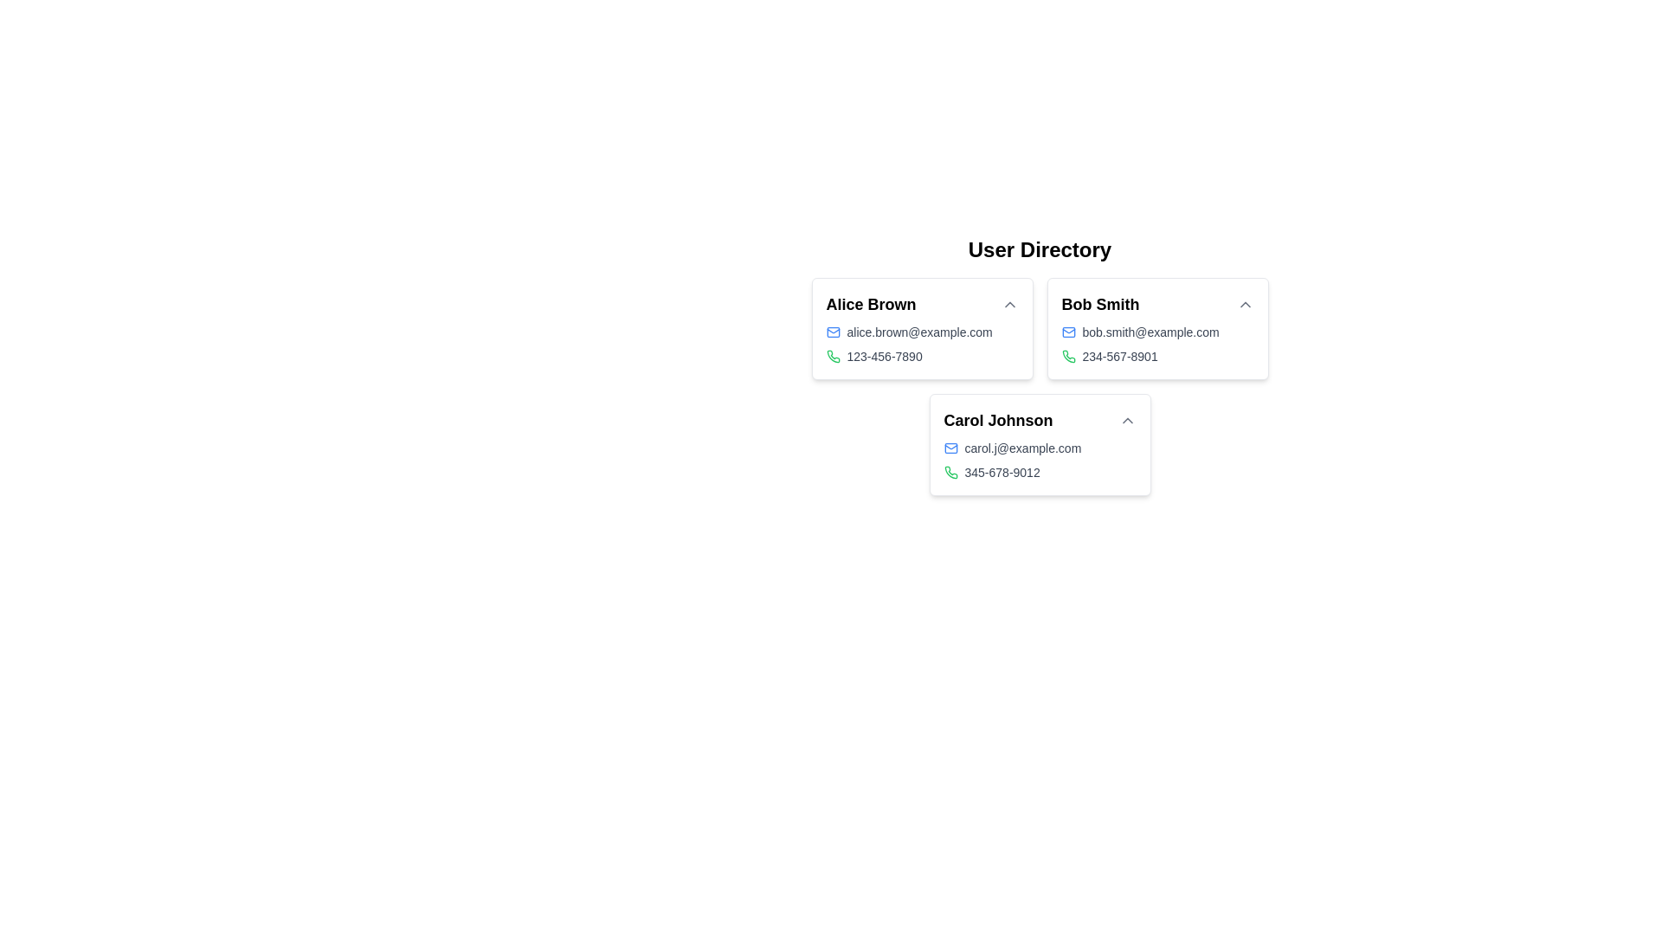 Image resolution: width=1662 pixels, height=935 pixels. Describe the element at coordinates (918, 332) in the screenshot. I see `the text display showing 'alice.brown@example.com', which is located in the top-left card under the 'User Directory' heading, adjacent to an email icon` at that location.